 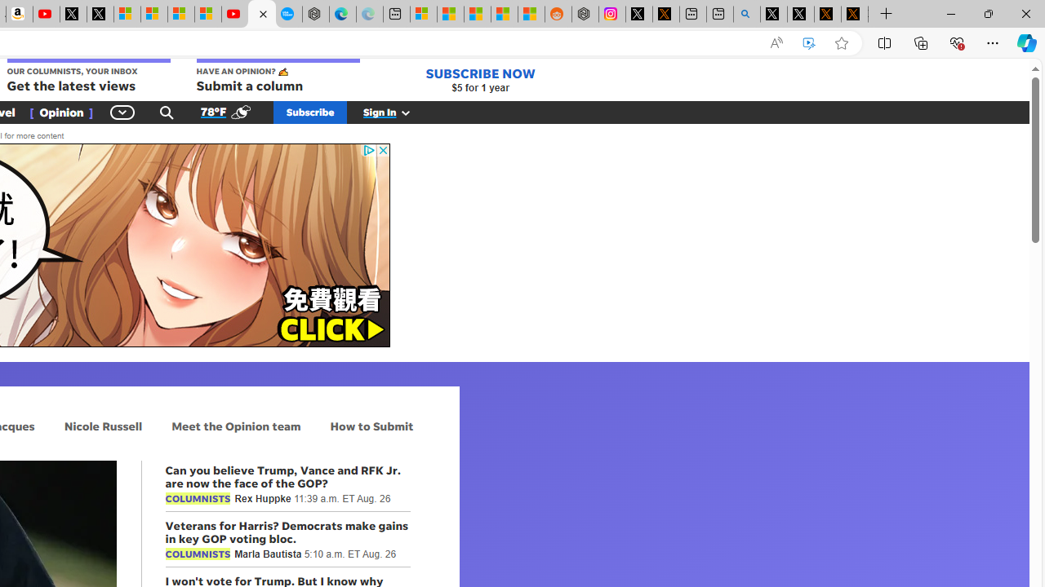 What do you see at coordinates (809, 42) in the screenshot?
I see `'Enhance video'` at bounding box center [809, 42].